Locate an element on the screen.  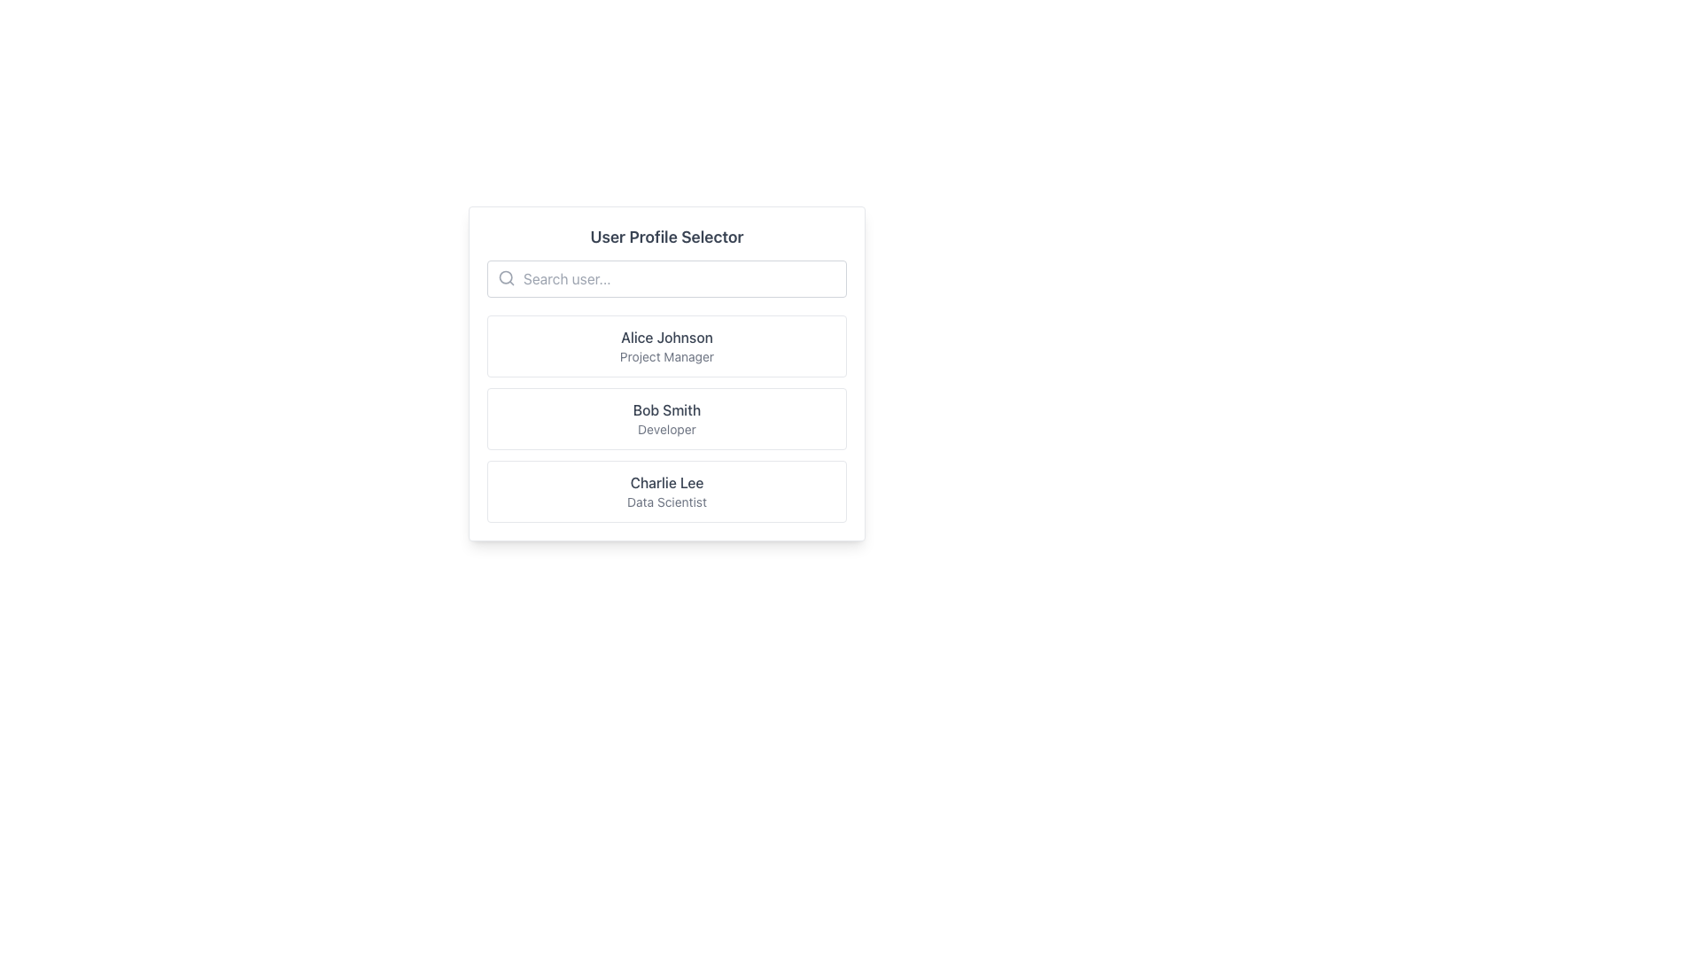
the text label reading 'Project Manager', which is styled in gray and located under 'Alice Johnson' is located at coordinates (666, 356).